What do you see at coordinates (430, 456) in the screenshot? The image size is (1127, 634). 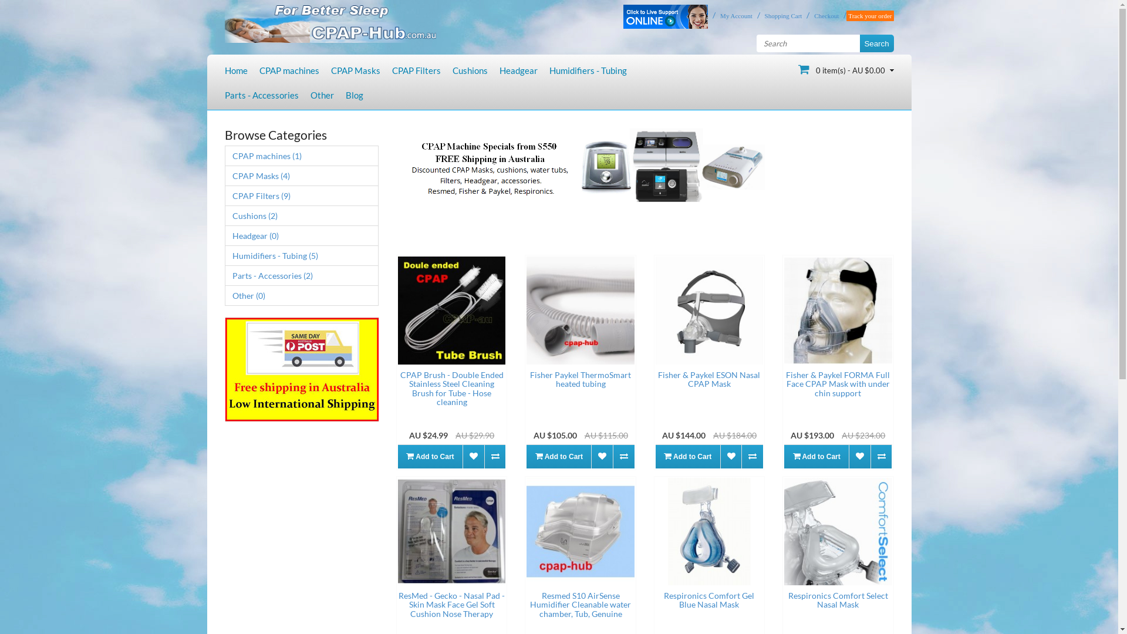 I see `'Add to Cart'` at bounding box center [430, 456].